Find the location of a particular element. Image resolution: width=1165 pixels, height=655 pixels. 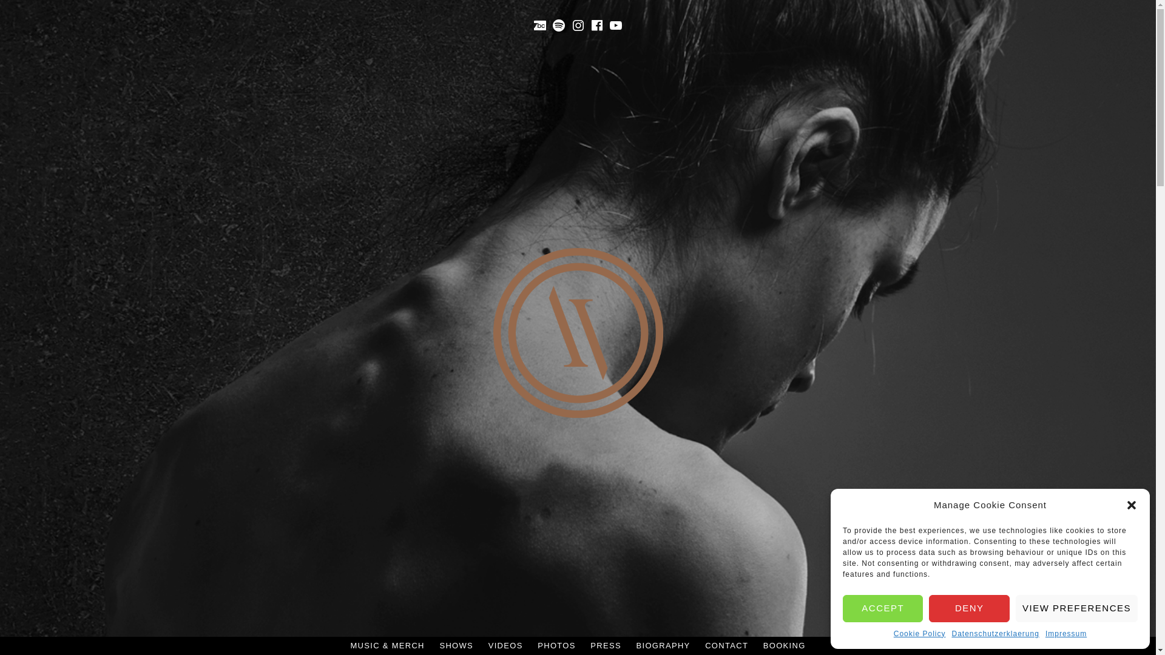

'Cookie Policy' is located at coordinates (920, 633).